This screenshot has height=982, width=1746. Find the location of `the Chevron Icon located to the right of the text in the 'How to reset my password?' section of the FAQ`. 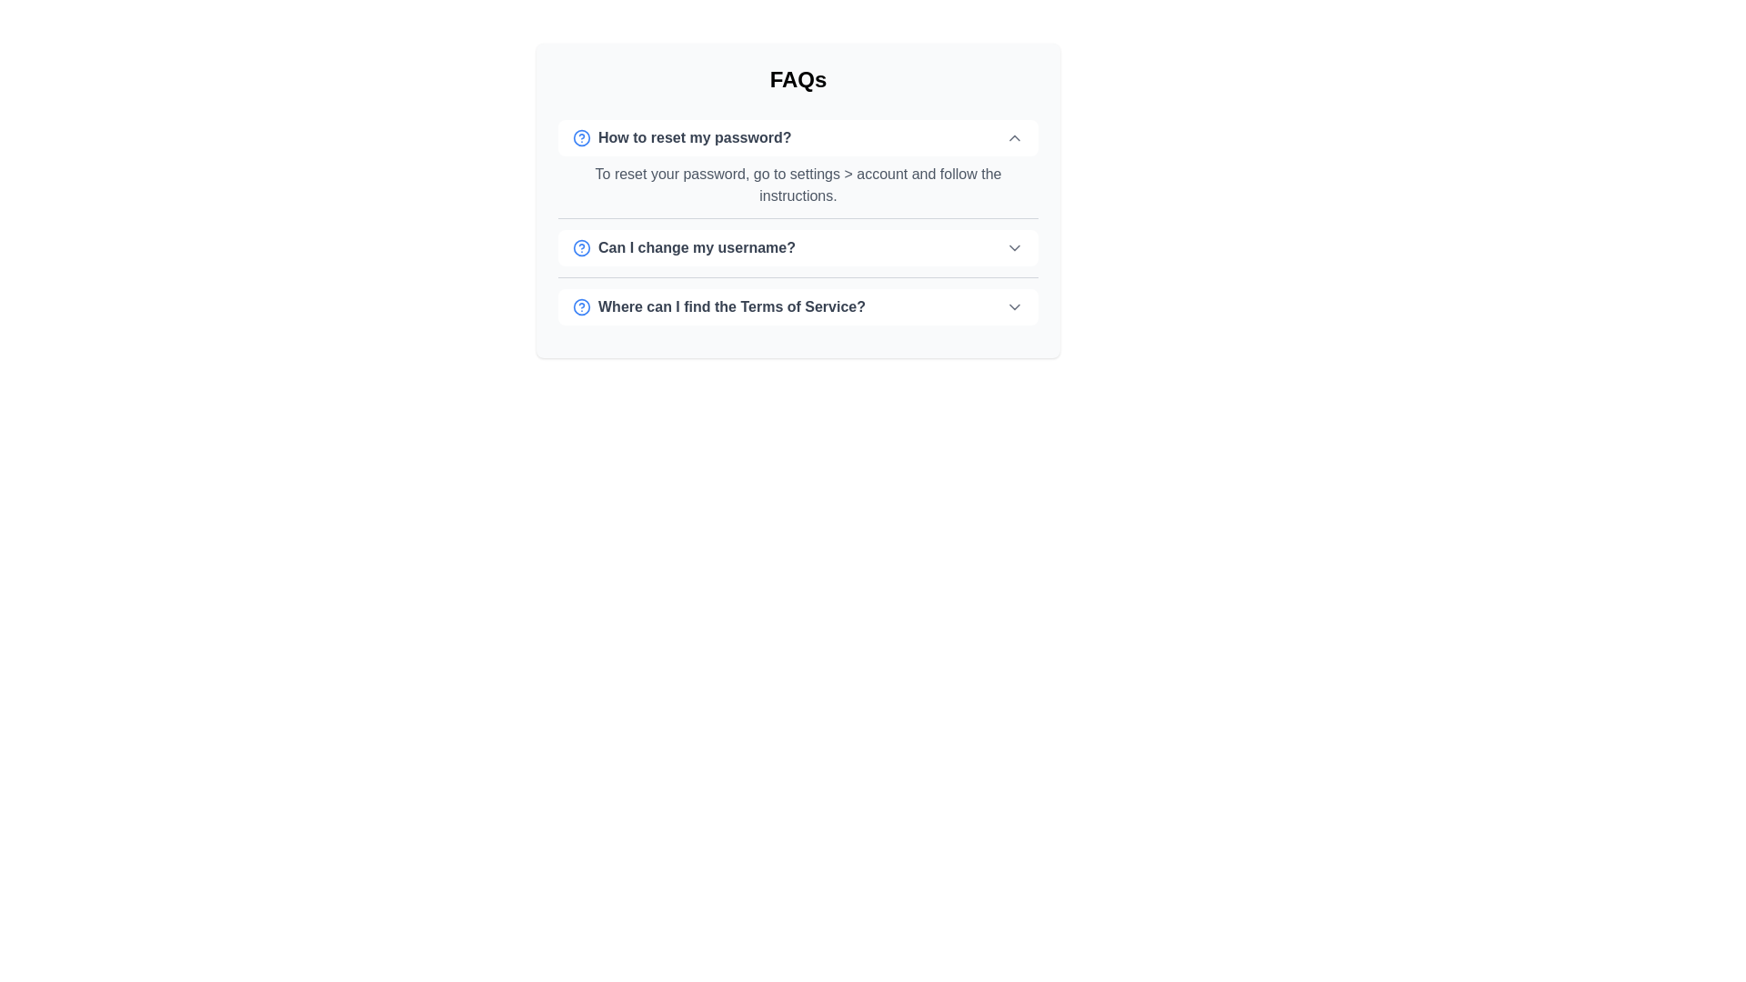

the Chevron Icon located to the right of the text in the 'How to reset my password?' section of the FAQ is located at coordinates (1014, 136).